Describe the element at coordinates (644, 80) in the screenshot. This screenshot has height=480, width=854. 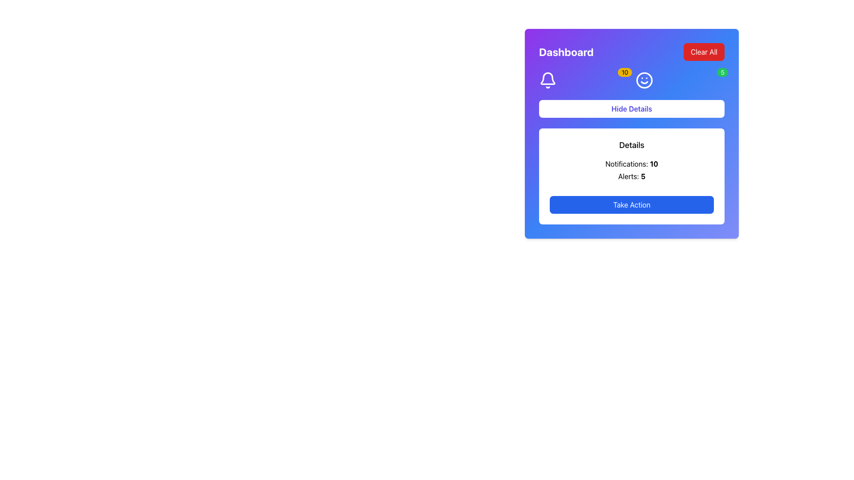
I see `the circular graphic element representing a smiley face, located in the top-right corner of the dashboard next to the 'Clear All' button` at that location.